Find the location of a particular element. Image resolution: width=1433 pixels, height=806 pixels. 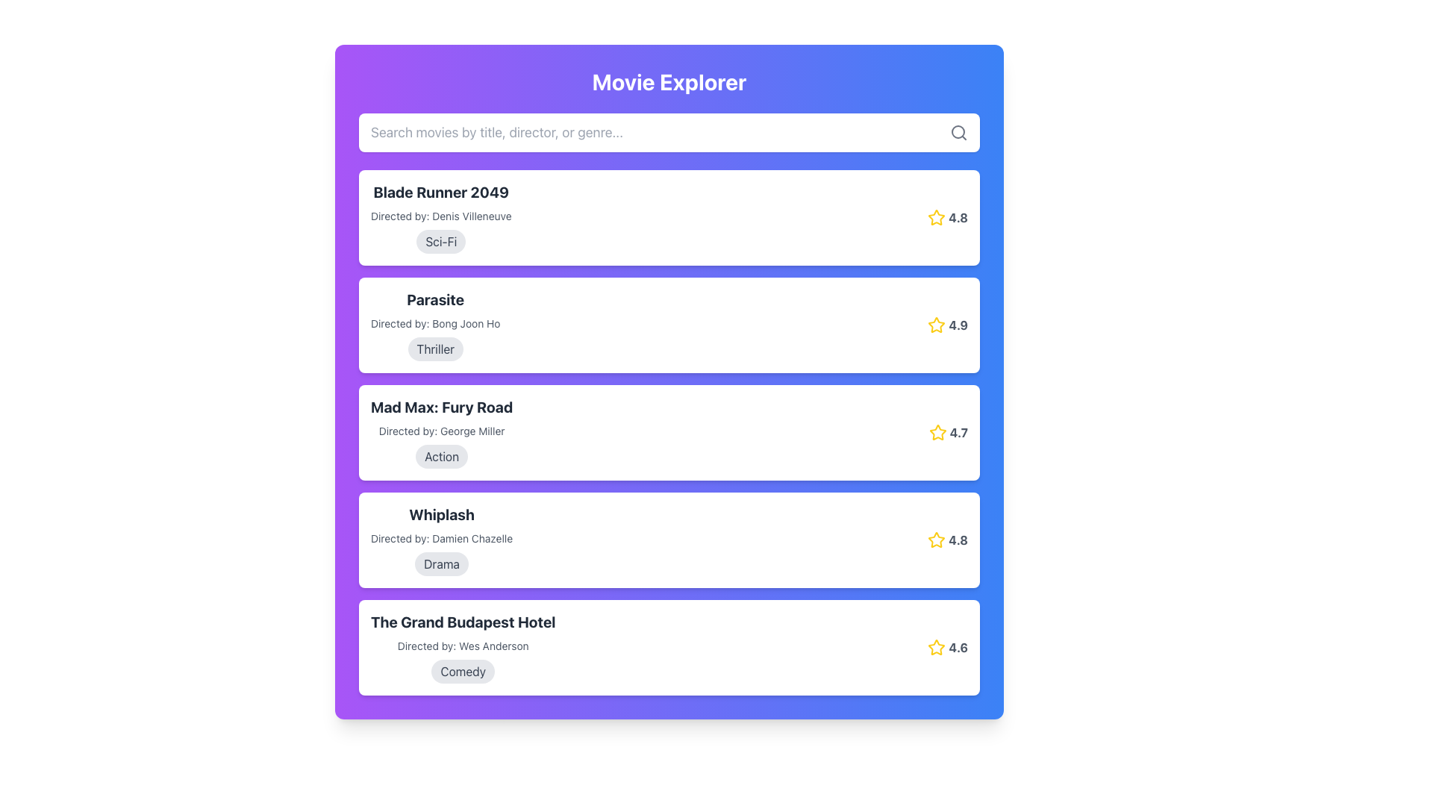

the star icon representing the movie rating in the first movie entry of the list, located to the left of the numeric rating value is located at coordinates (936, 217).